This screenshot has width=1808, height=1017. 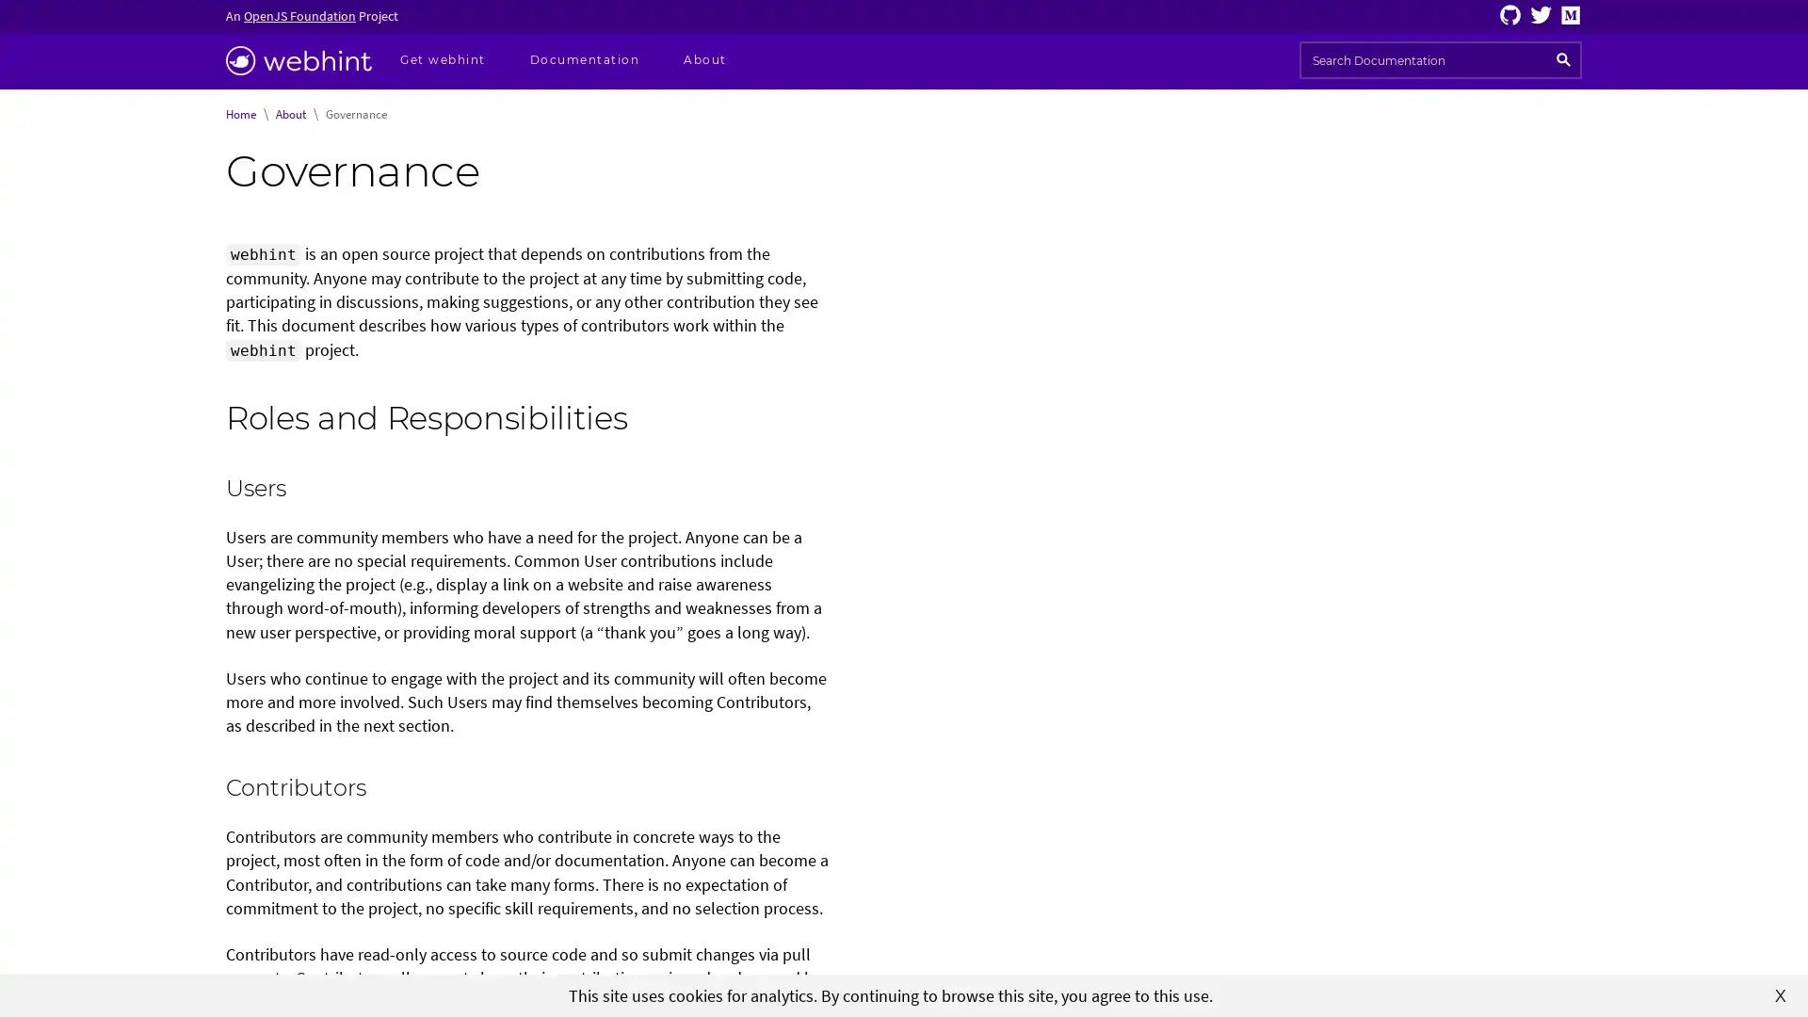 What do you see at coordinates (1563, 59) in the screenshot?
I see `search` at bounding box center [1563, 59].